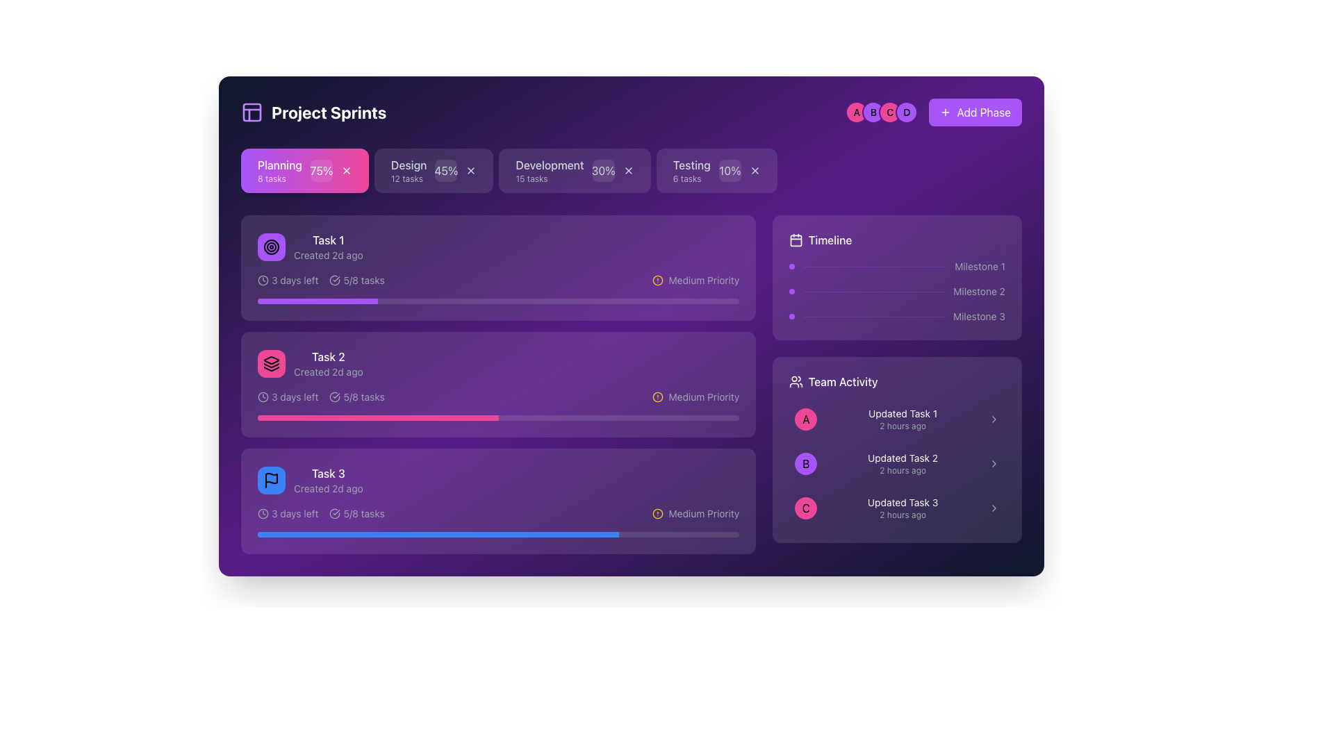 This screenshot has width=1334, height=750. I want to click on the Priority indicator with icon and text located in the right section of the second task block from the top within the tasks list, next to a horizontal progress bar, so click(695, 281).